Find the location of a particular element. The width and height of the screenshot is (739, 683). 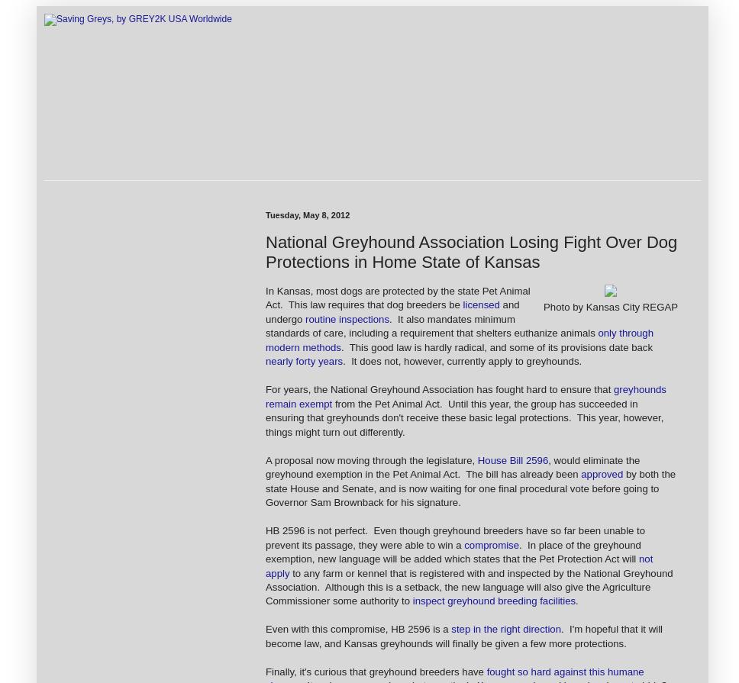

'In Kansas, most dogs are protected by the state Pet Animal Act.  This law requires that dog breeders be' is located at coordinates (397, 298).